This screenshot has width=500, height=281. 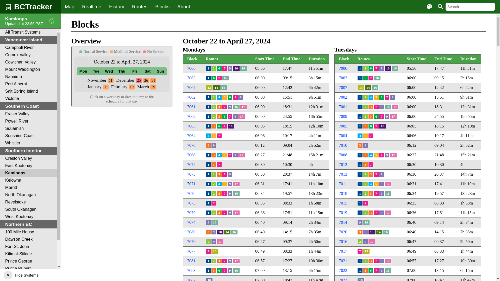 What do you see at coordinates (343, 270) in the screenshot?
I see `'7023'` at bounding box center [343, 270].